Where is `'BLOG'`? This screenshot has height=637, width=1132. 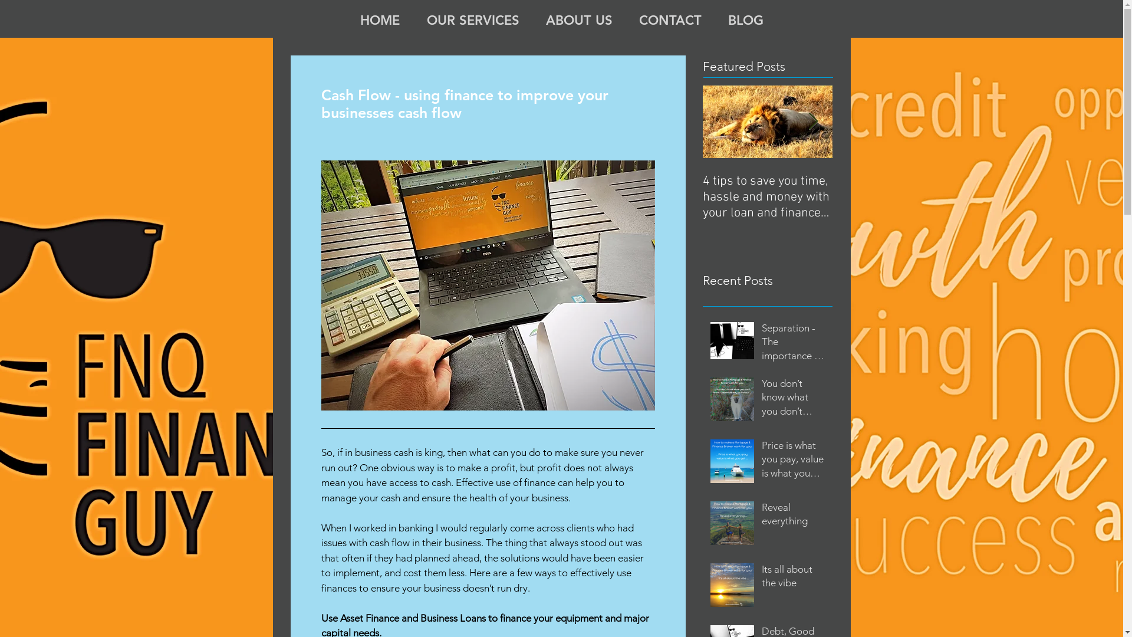 'BLOG' is located at coordinates (745, 18).